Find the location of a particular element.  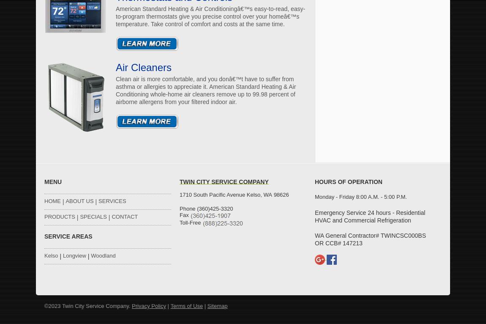

'ABOUT US' is located at coordinates (65, 200).